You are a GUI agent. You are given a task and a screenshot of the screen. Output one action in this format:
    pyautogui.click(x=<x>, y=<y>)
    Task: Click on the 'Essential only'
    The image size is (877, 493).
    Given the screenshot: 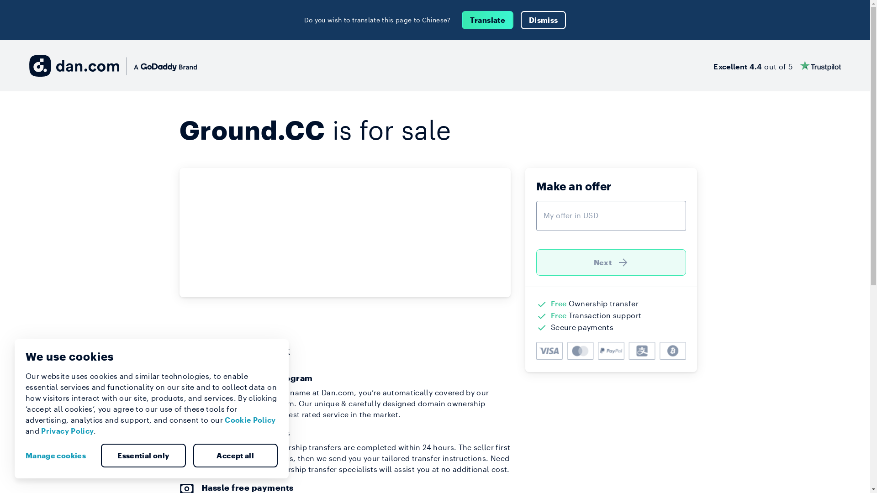 What is the action you would take?
    pyautogui.click(x=143, y=456)
    